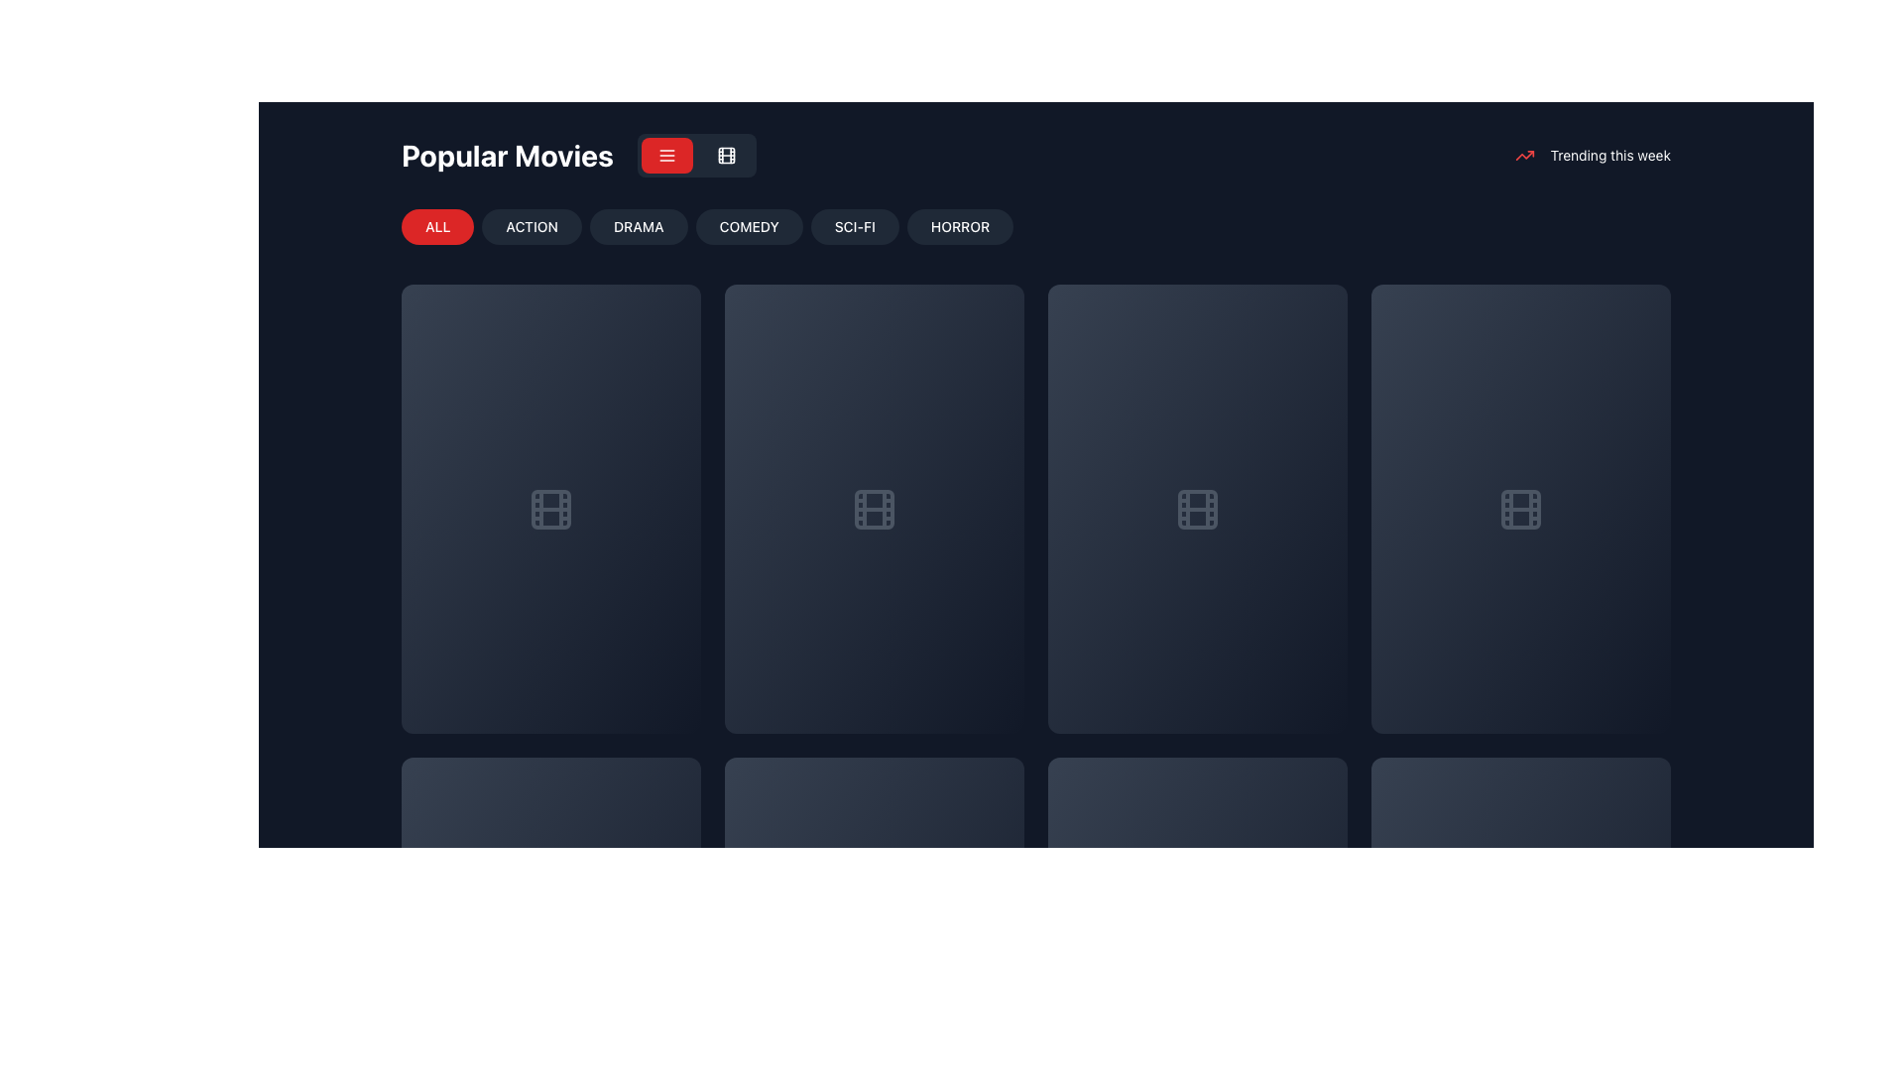 The image size is (1904, 1071). Describe the element at coordinates (1197, 508) in the screenshot. I see `the visual component represented as an SVG rectangle within the film icon grid tile located in the second row, third column` at that location.